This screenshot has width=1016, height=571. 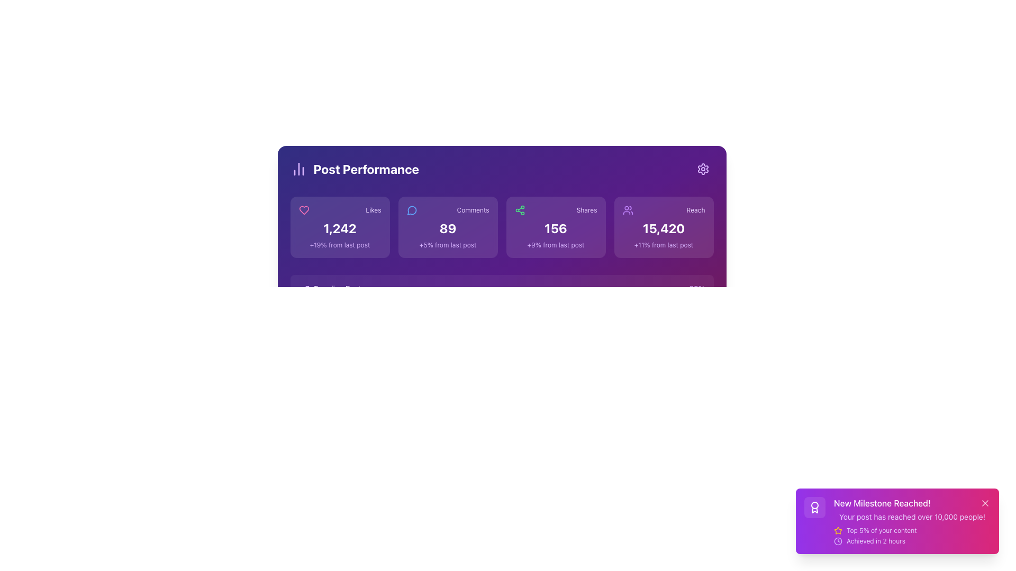 What do you see at coordinates (329, 289) in the screenshot?
I see `the 'Trending Post' text label located inside the 'Post Performance' panel, positioned at the bottom left corner of the content area, which features a purple color and a small trending-up icon to its left` at bounding box center [329, 289].